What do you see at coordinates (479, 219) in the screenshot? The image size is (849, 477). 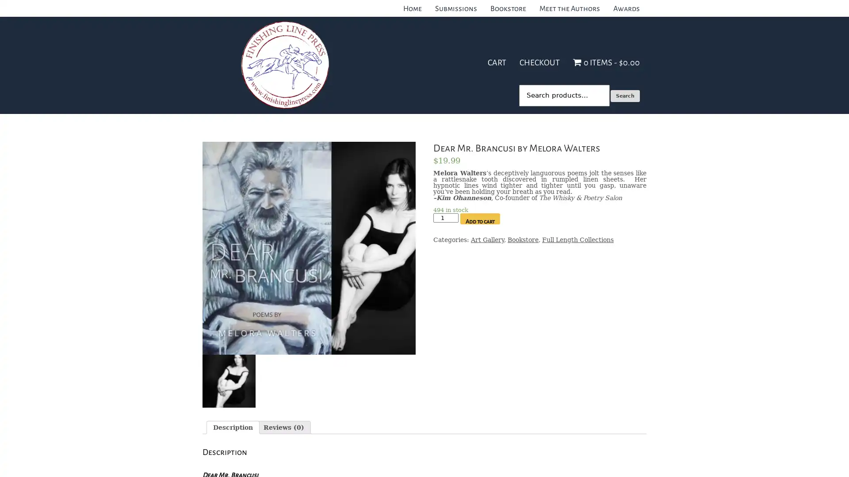 I see `Add to cart` at bounding box center [479, 219].